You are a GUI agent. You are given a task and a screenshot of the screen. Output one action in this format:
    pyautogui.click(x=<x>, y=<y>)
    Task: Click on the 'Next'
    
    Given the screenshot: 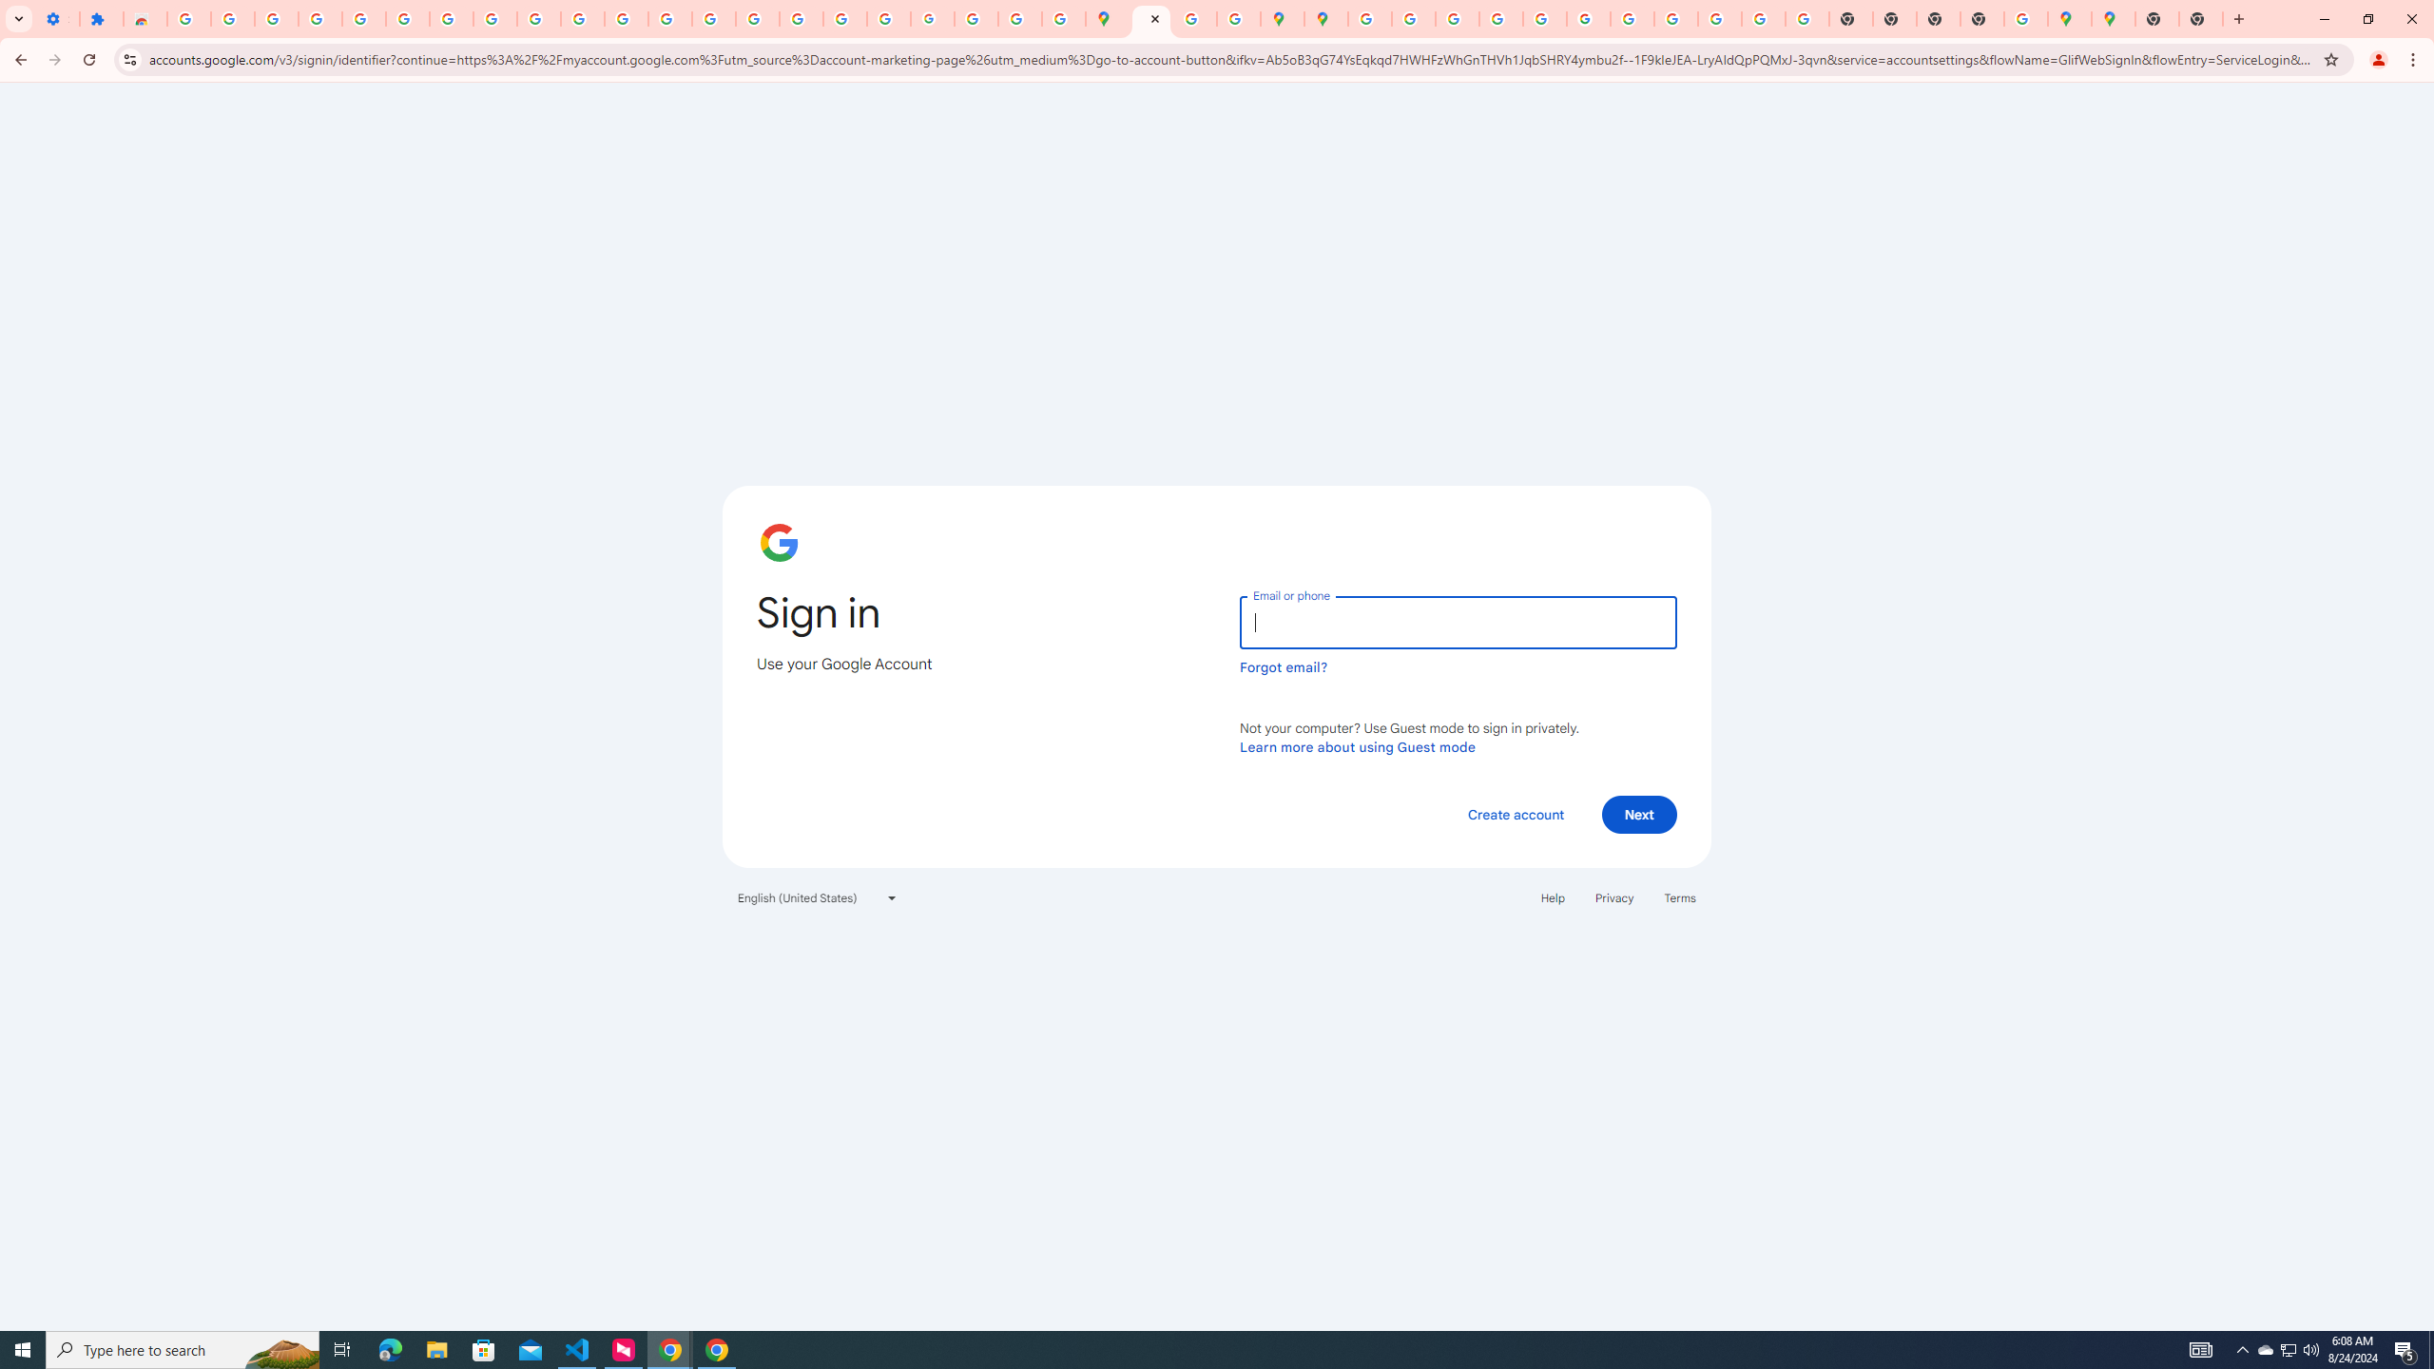 What is the action you would take?
    pyautogui.click(x=1639, y=813)
    